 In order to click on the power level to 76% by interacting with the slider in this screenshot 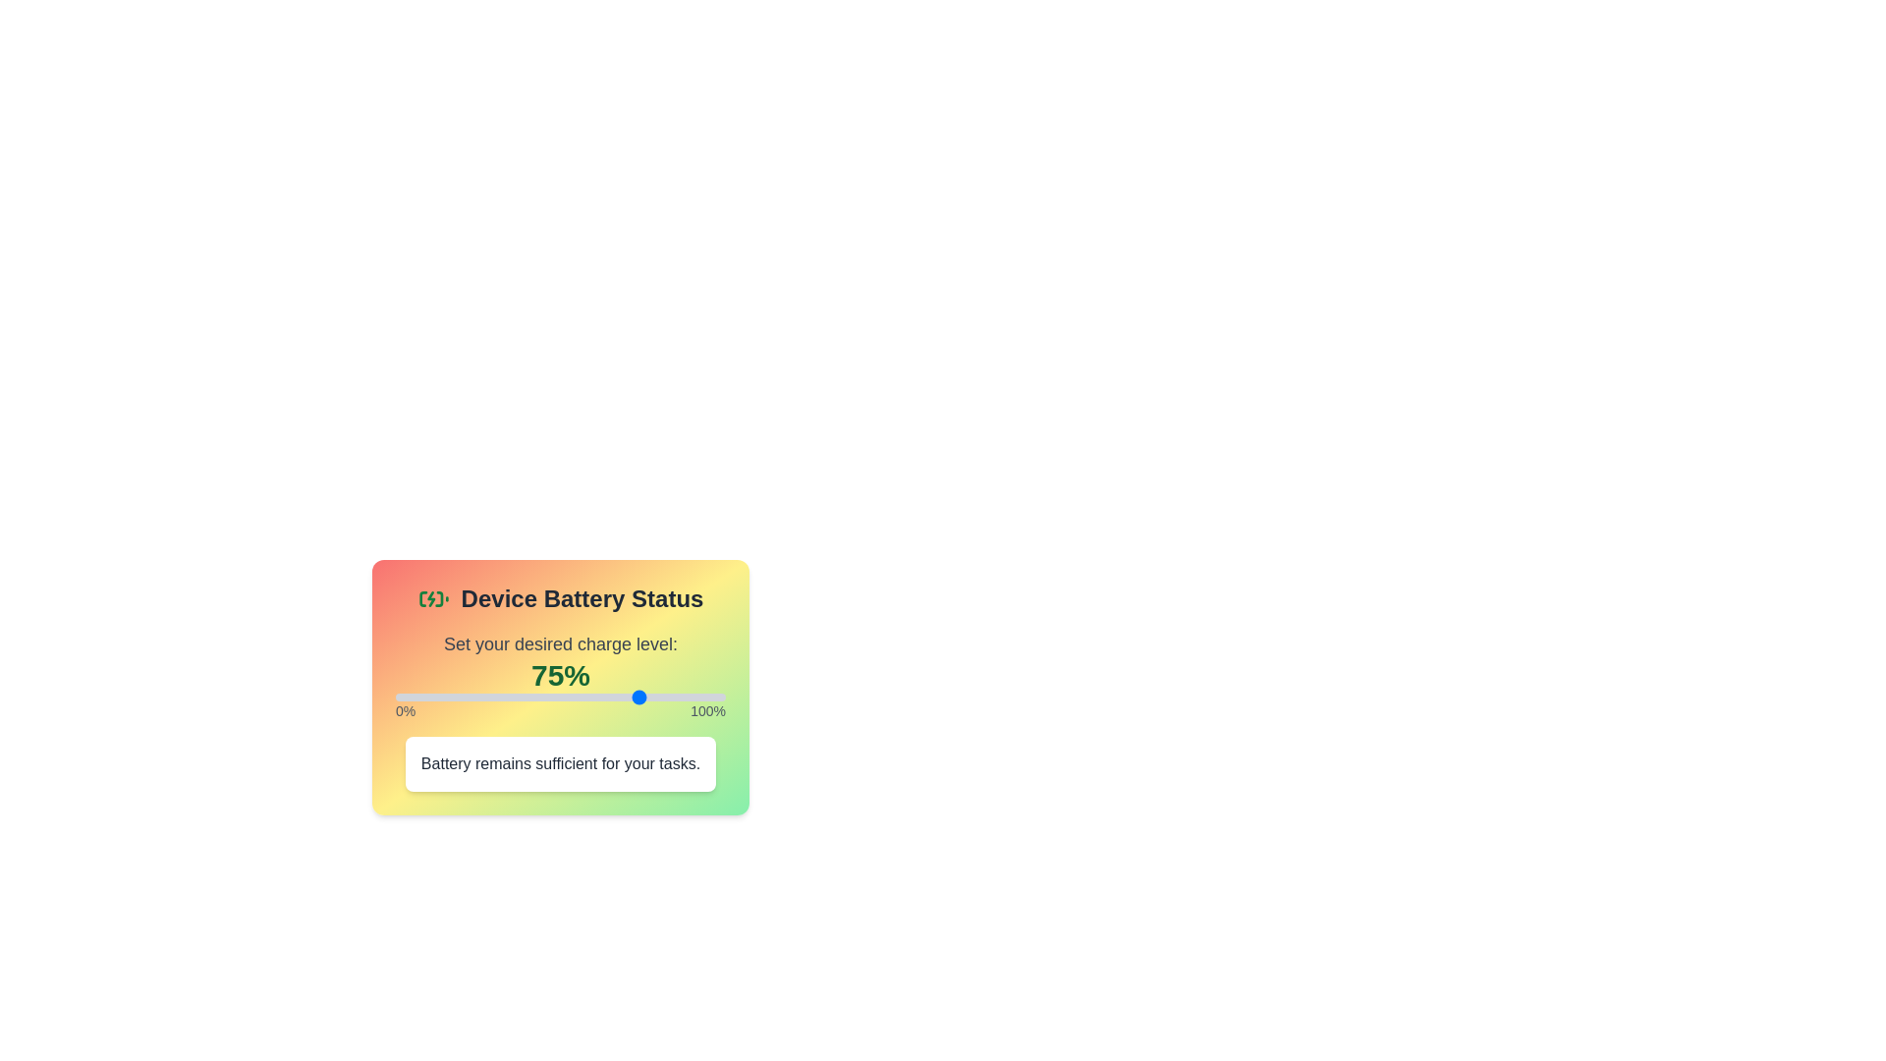, I will do `click(646, 696)`.